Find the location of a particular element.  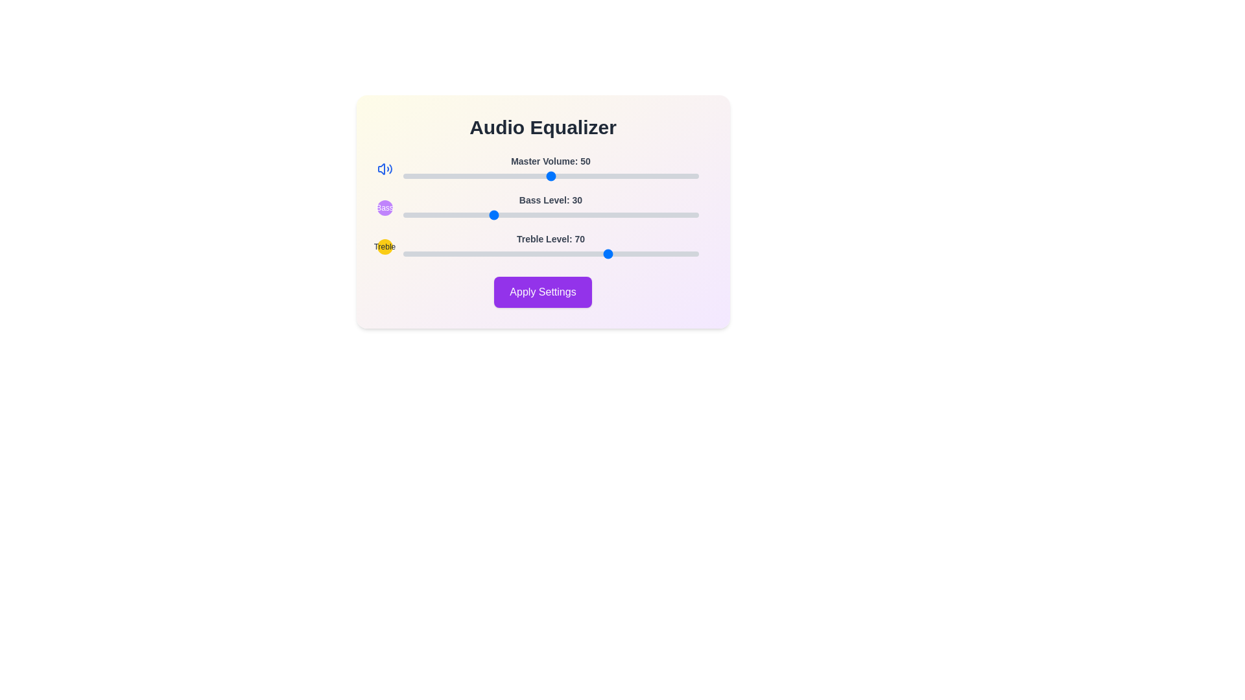

the slider control for adjusting the treble level, labeled 'Treble Level: 70', located in the third control section under the 'Audio Equalizer' header is located at coordinates (543, 247).